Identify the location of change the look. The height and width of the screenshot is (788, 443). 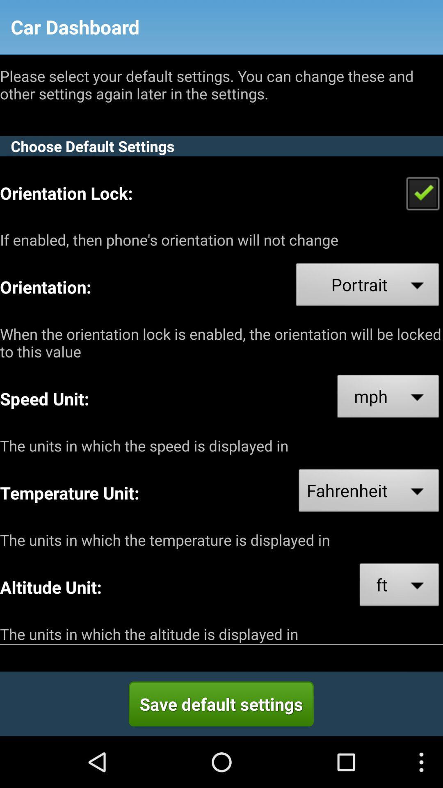
(422, 192).